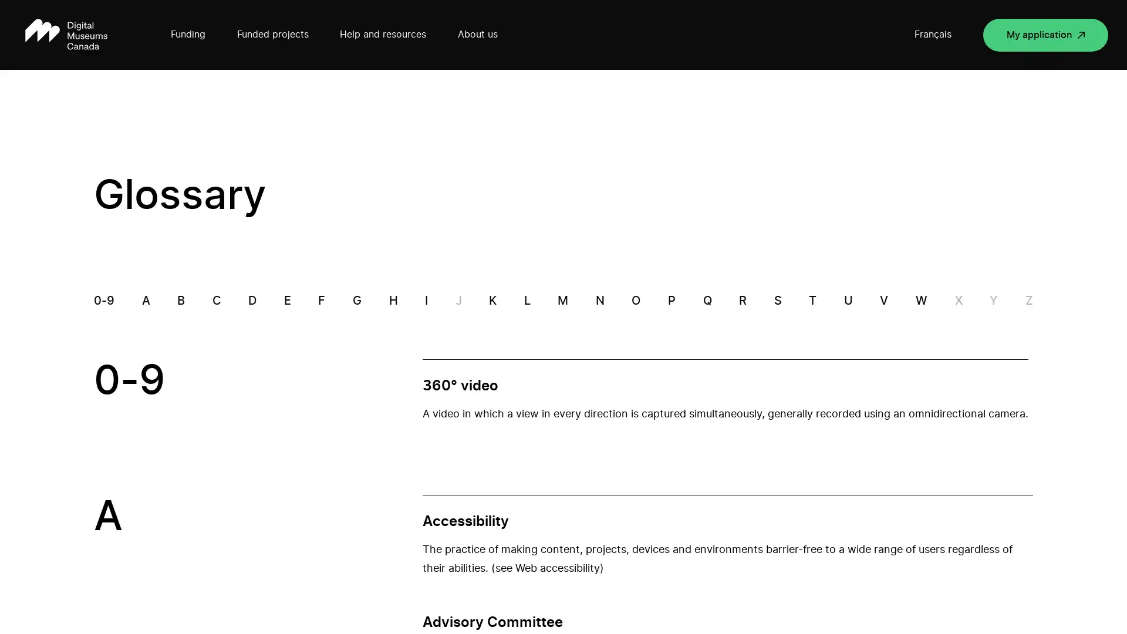 This screenshot has height=634, width=1127. Describe the element at coordinates (287, 301) in the screenshot. I see `E` at that location.